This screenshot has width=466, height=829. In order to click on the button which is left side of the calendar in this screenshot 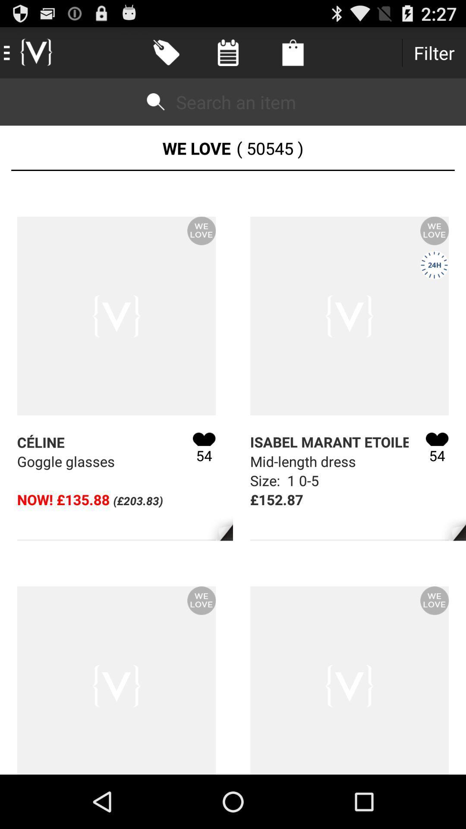, I will do `click(166, 52)`.